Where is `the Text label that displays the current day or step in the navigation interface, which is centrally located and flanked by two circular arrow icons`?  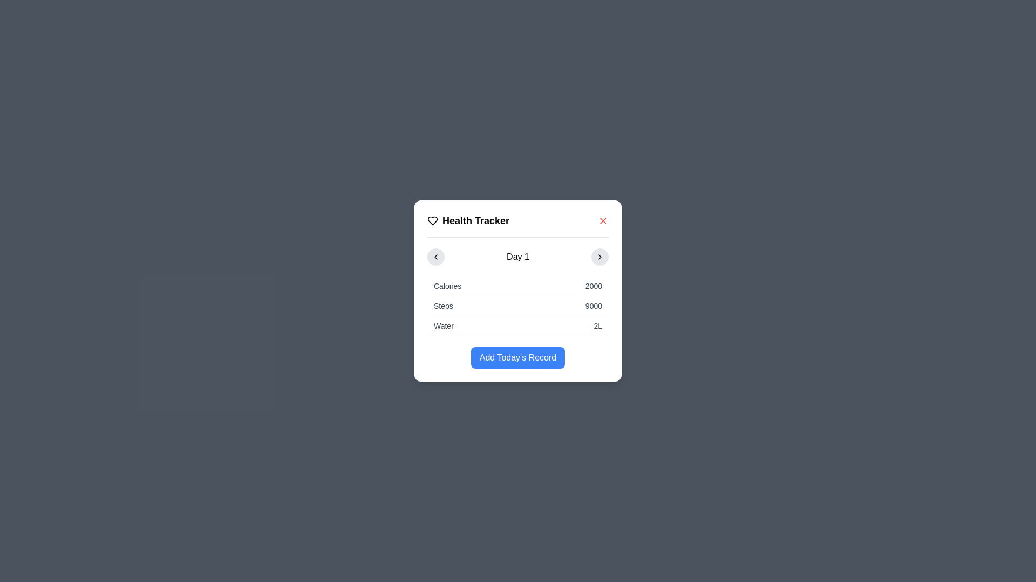
the Text label that displays the current day or step in the navigation interface, which is centrally located and flanked by two circular arrow icons is located at coordinates (518, 257).